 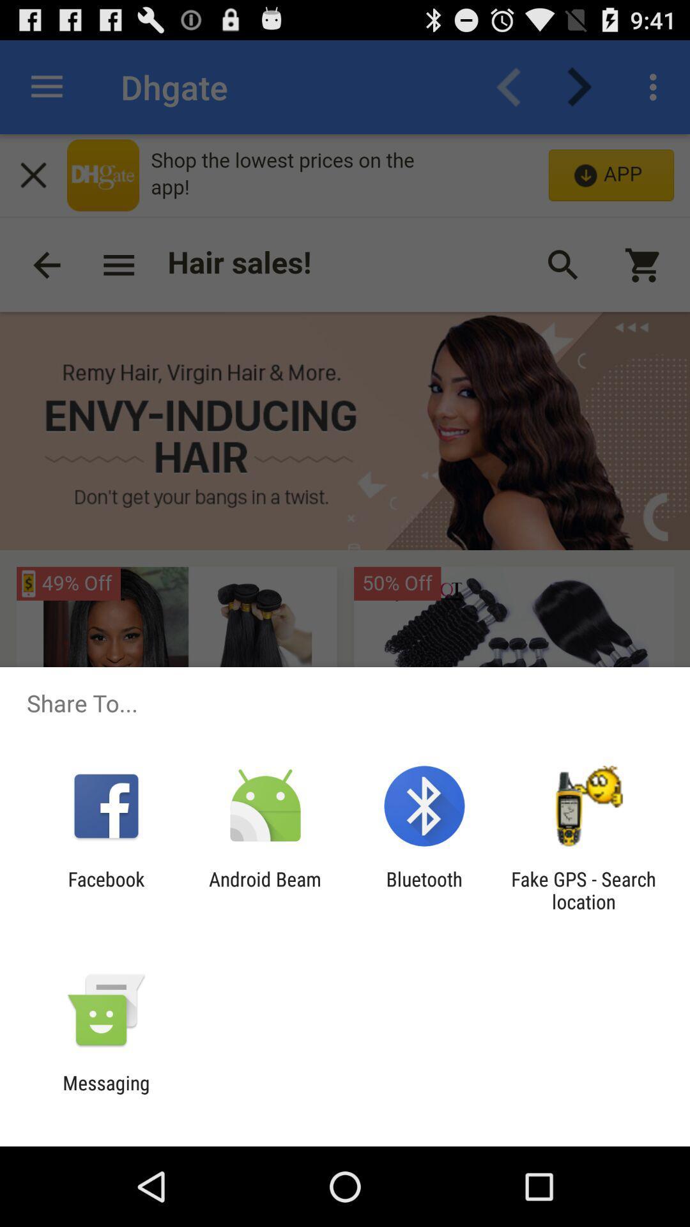 What do you see at coordinates (264, 890) in the screenshot?
I see `item next to the bluetooth item` at bounding box center [264, 890].